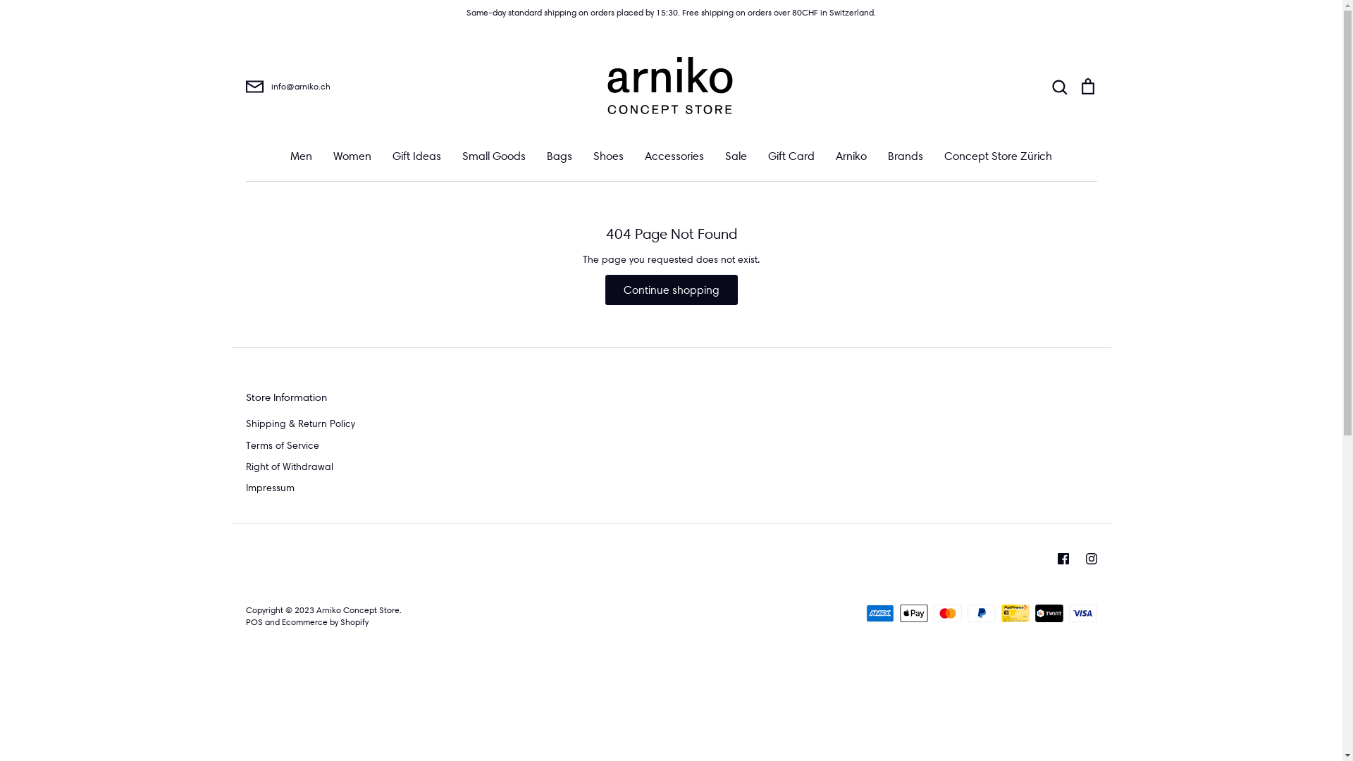 The height and width of the screenshot is (761, 1353). What do you see at coordinates (245, 423) in the screenshot?
I see `'Shipping & Return Policy'` at bounding box center [245, 423].